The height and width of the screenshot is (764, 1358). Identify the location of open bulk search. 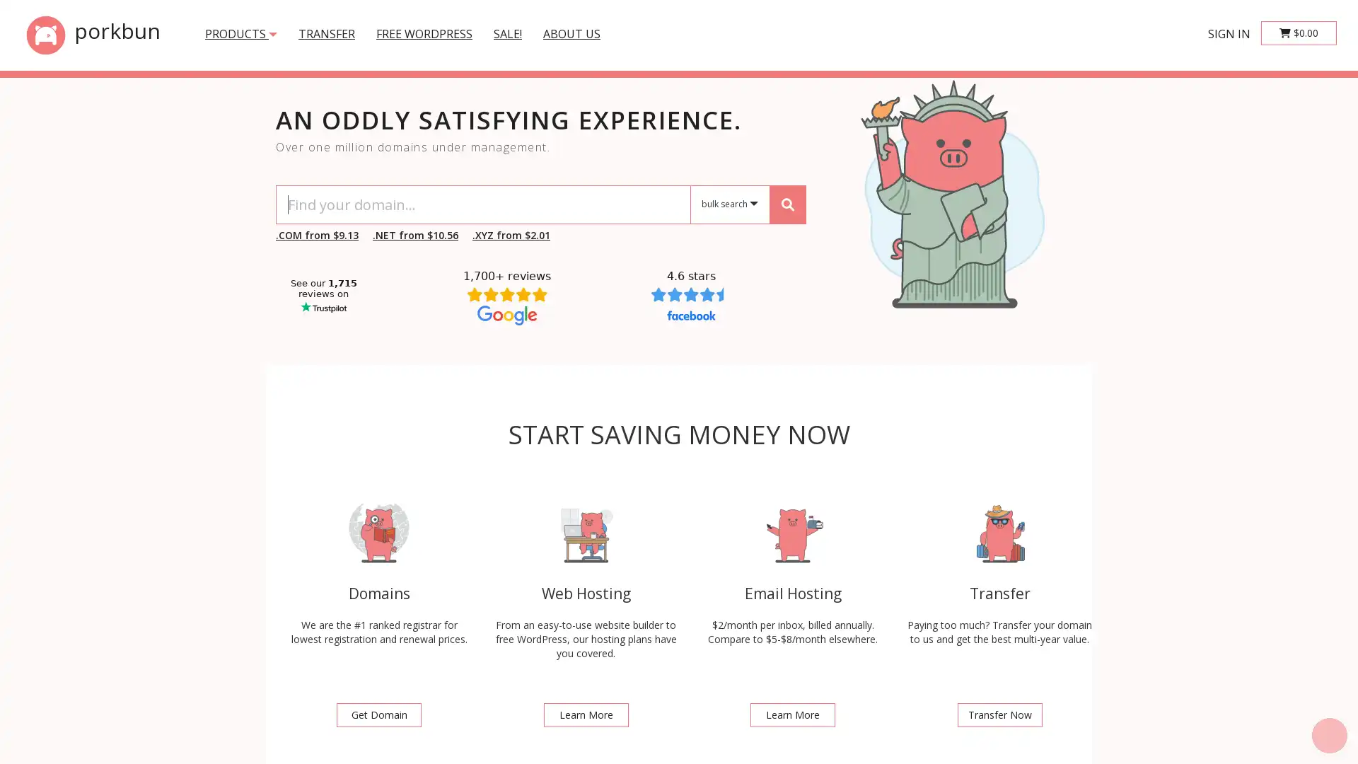
(730, 204).